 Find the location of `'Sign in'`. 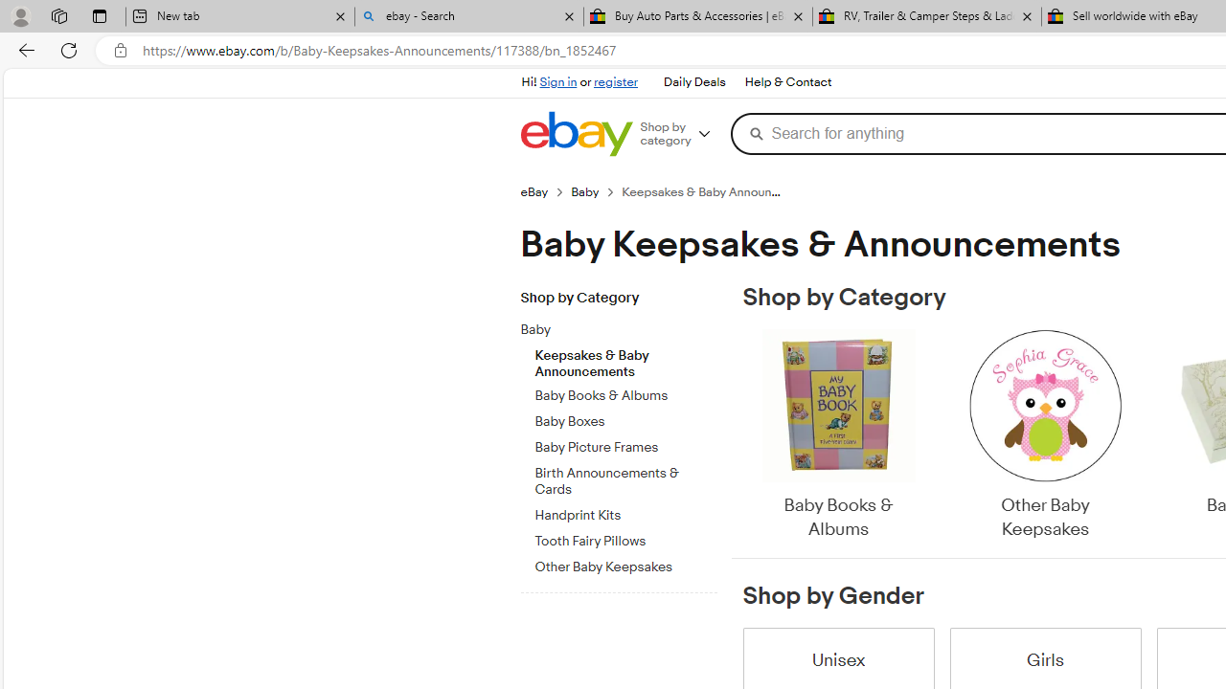

'Sign in' is located at coordinates (557, 81).